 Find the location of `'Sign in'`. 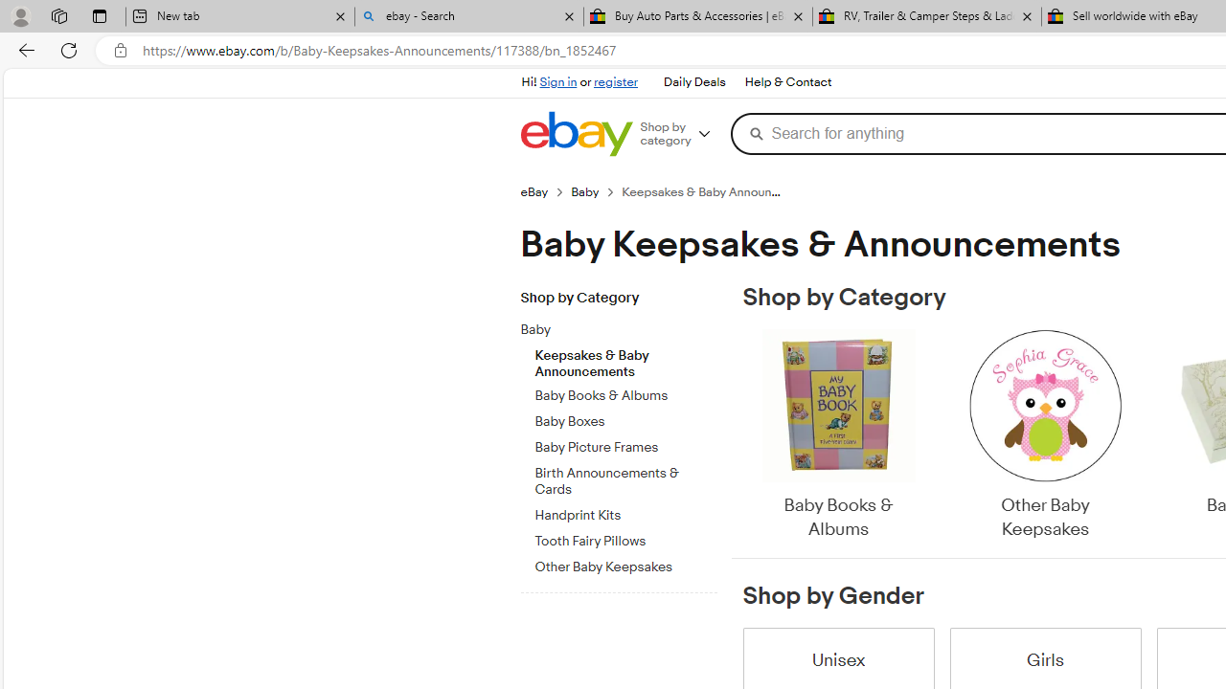

'Sign in' is located at coordinates (557, 81).